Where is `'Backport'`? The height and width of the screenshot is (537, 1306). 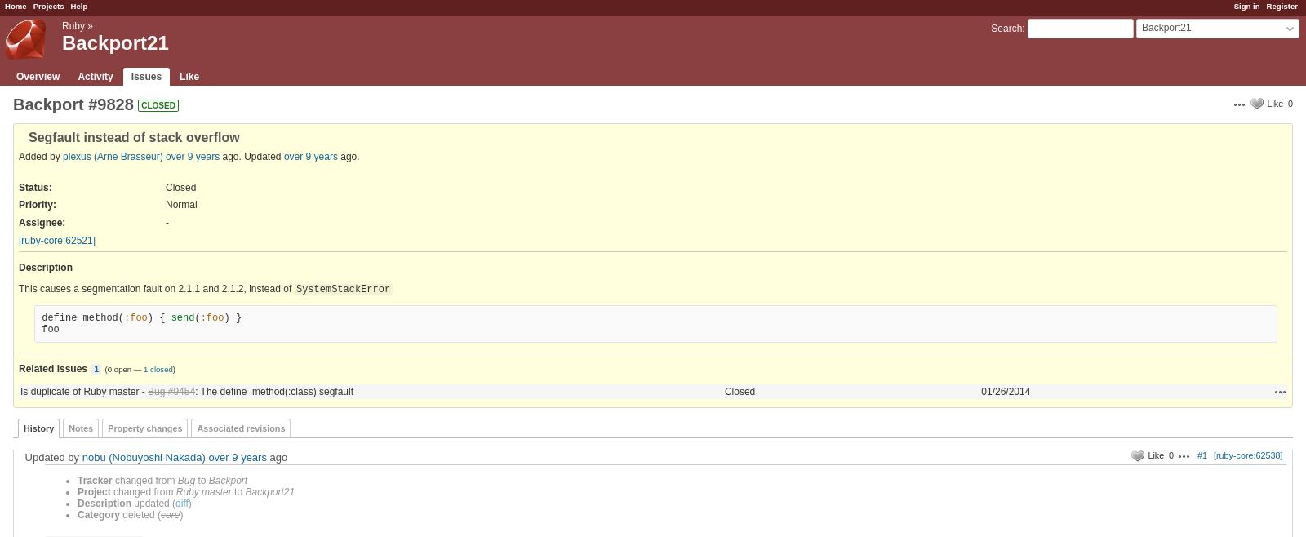 'Backport' is located at coordinates (228, 480).